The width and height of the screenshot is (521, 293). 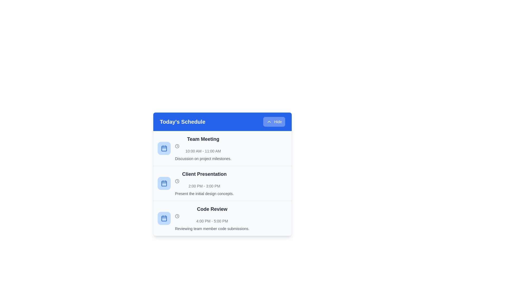 I want to click on the chevron-up icon, which is represented as an upward-pointing triangle with a minimalistic stroke-line style, located near the 'Hide' label on a light blue button in the top-right corner of the application interface, so click(x=269, y=121).